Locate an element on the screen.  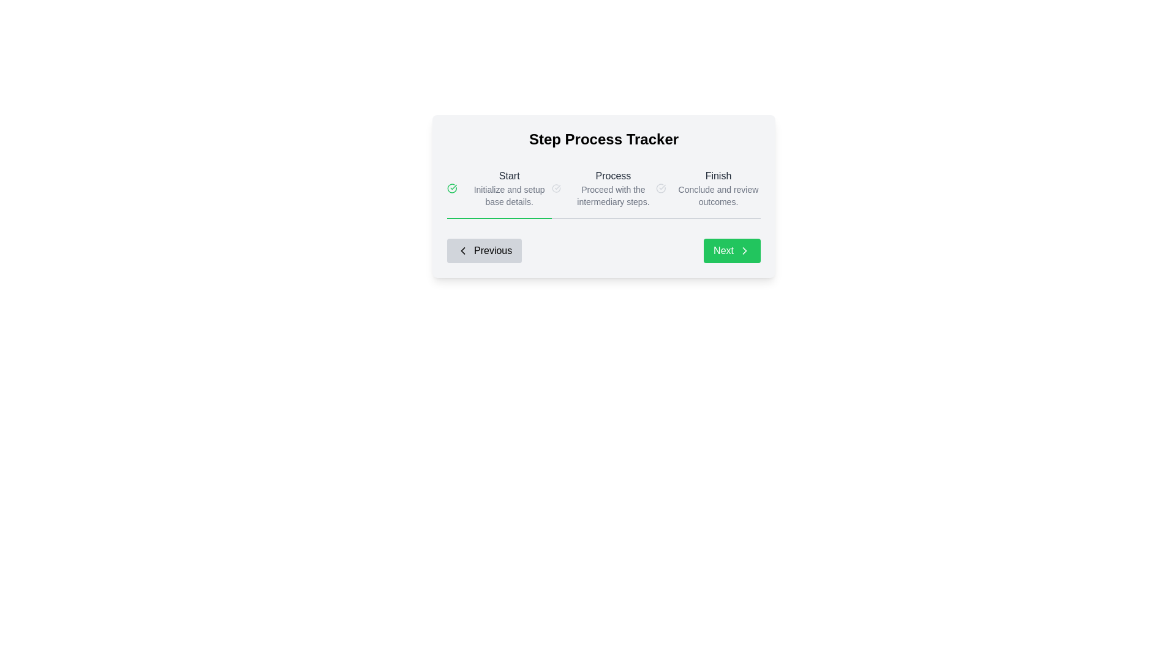
the backward navigation icon located on the left side of the 'Previous' button in the application's layout is located at coordinates (462, 250).